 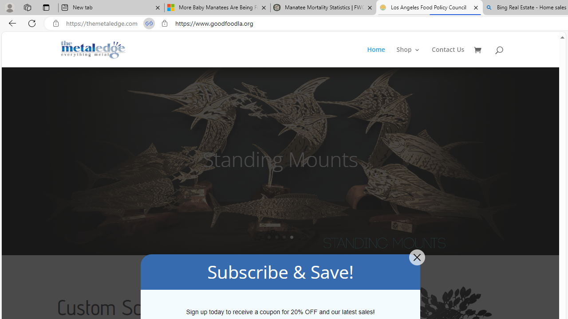 I want to click on 'Personal Profile', so click(x=9, y=7).